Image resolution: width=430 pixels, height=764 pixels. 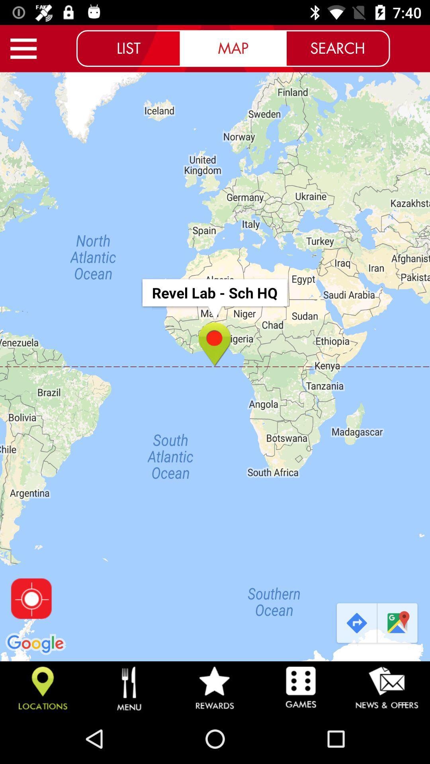 What do you see at coordinates (356, 623) in the screenshot?
I see `the redo icon` at bounding box center [356, 623].